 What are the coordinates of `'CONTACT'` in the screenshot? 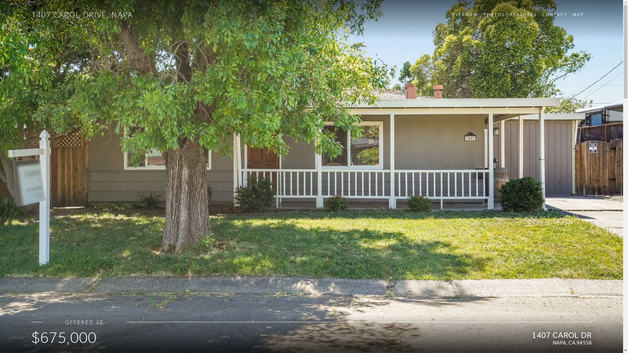 It's located at (554, 14).